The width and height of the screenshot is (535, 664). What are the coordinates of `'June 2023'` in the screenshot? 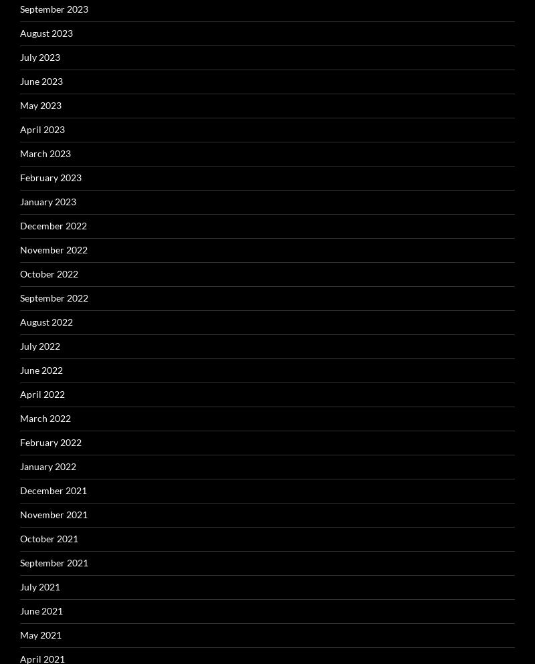 It's located at (41, 80).